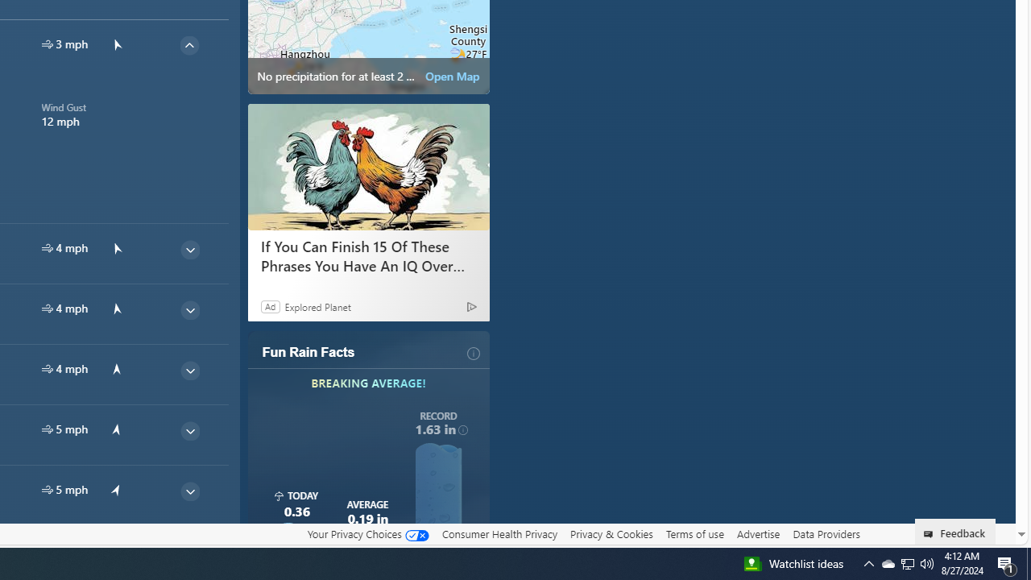 This screenshot has height=580, width=1031. What do you see at coordinates (826, 533) in the screenshot?
I see `'Data Providers'` at bounding box center [826, 533].